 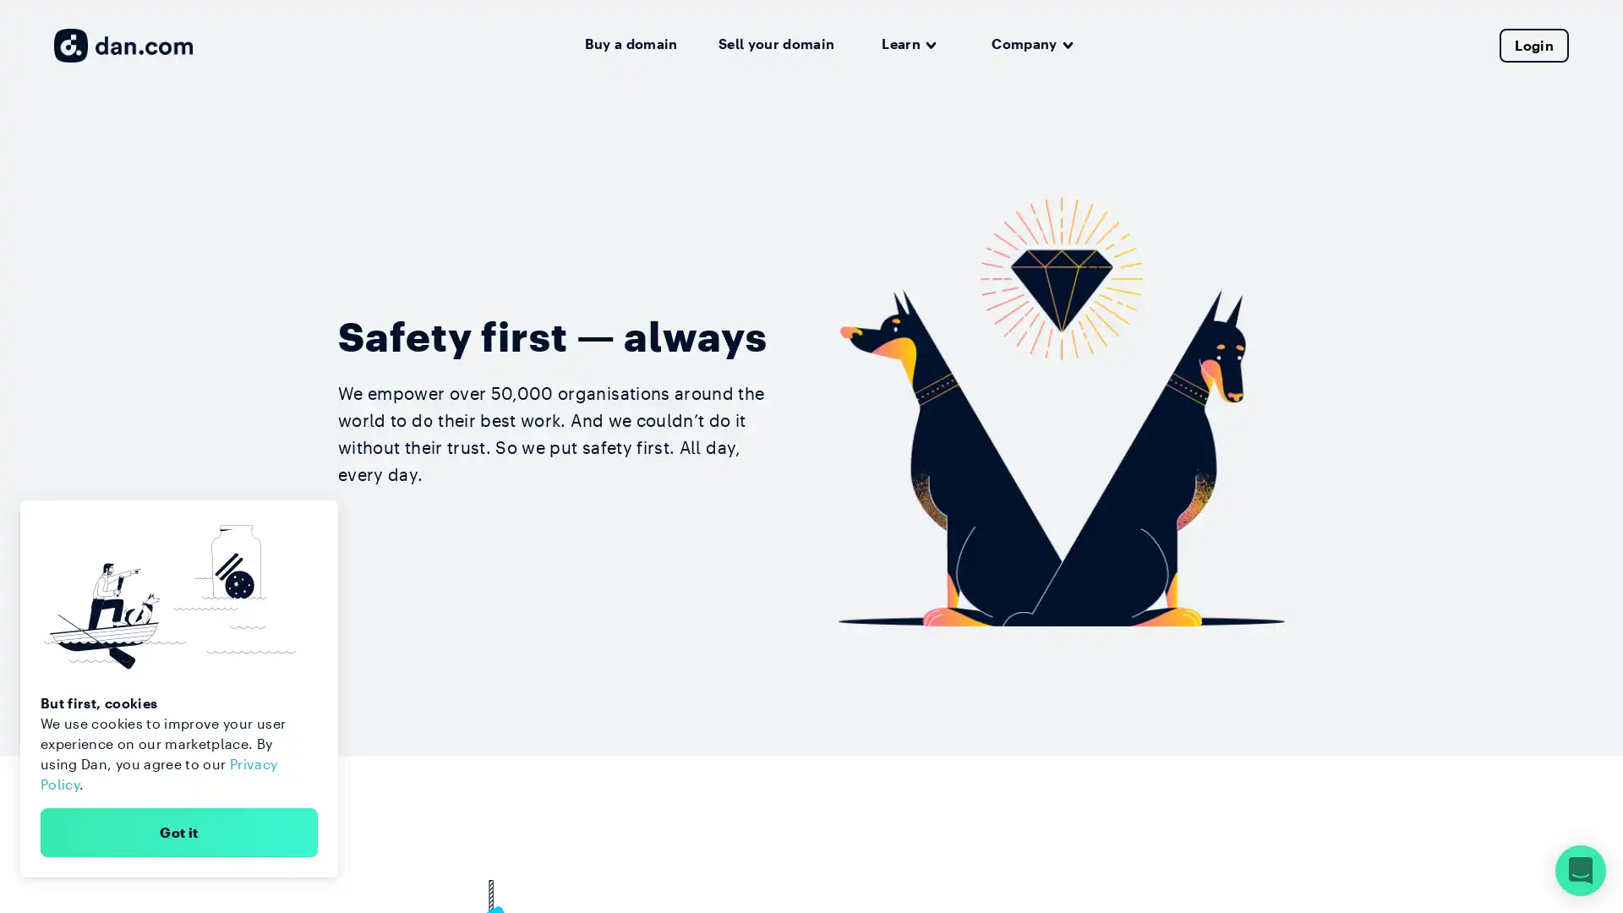 I want to click on Got it, so click(x=178, y=831).